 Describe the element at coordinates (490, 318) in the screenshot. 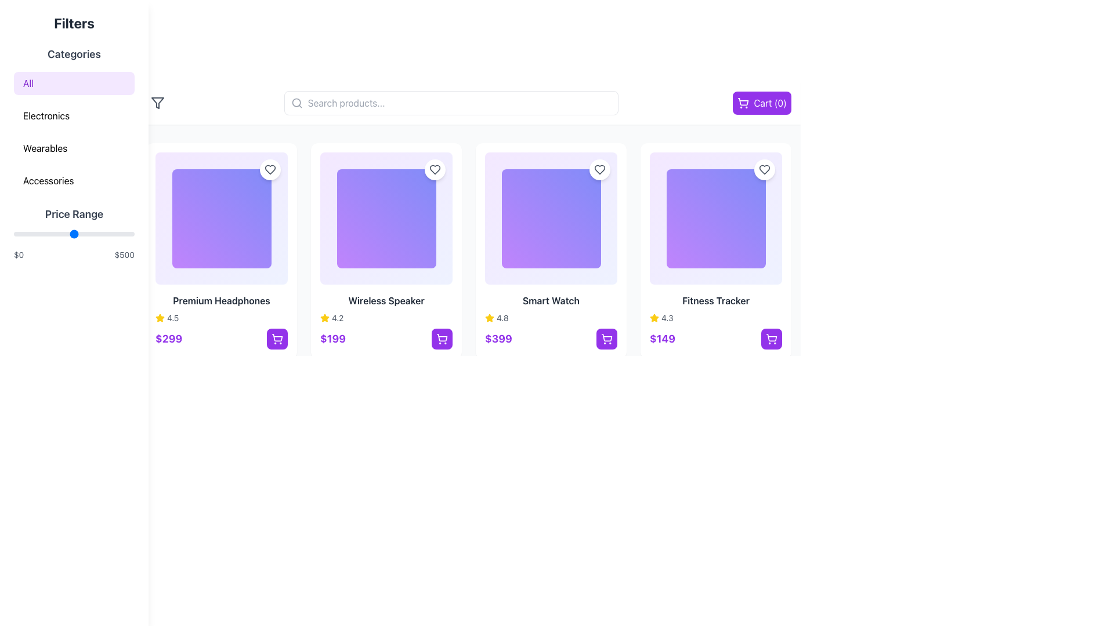

I see `the significance of the yellow star rating icon located in the bottom left corner of the fourth product card labeled 'Fitness Tracker', which indicates a rating of '4.3'` at that location.